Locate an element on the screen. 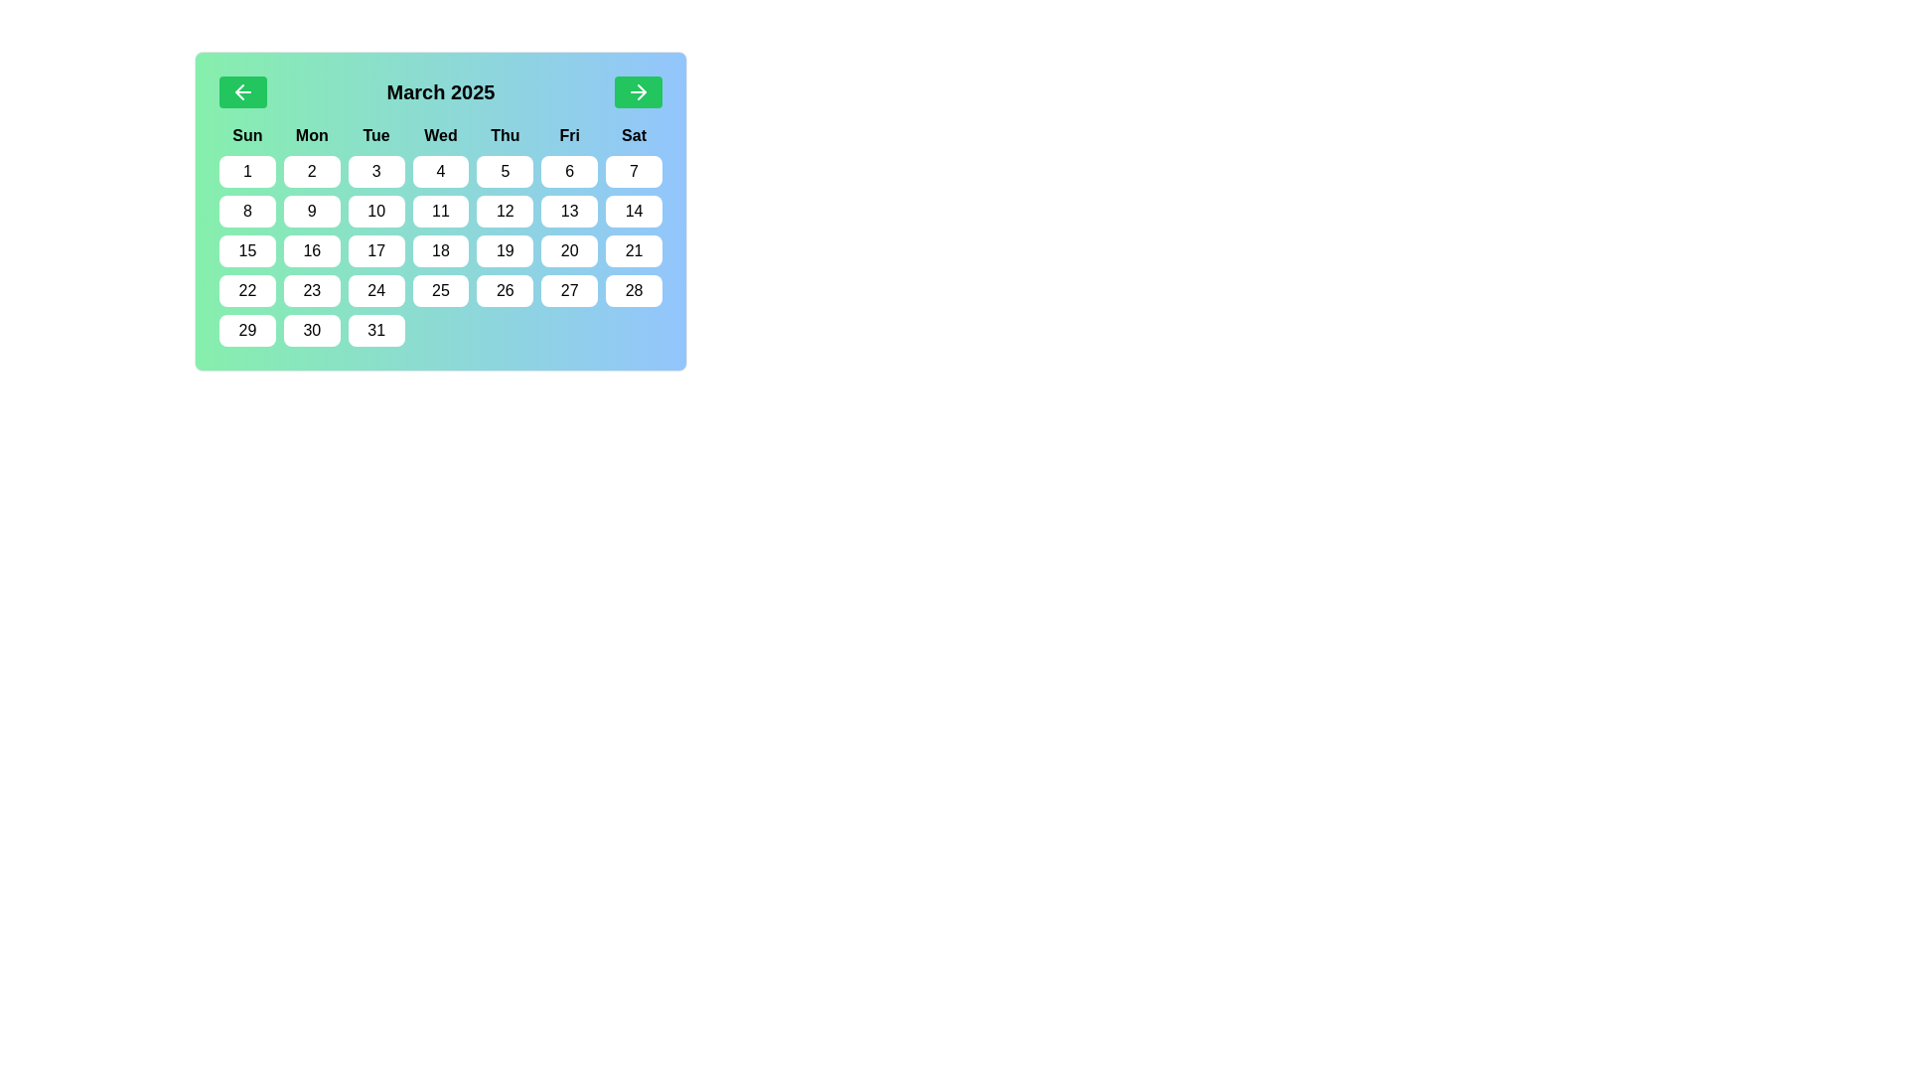  the calendar button representing the day '29' to edit the date is located at coordinates (246, 329).